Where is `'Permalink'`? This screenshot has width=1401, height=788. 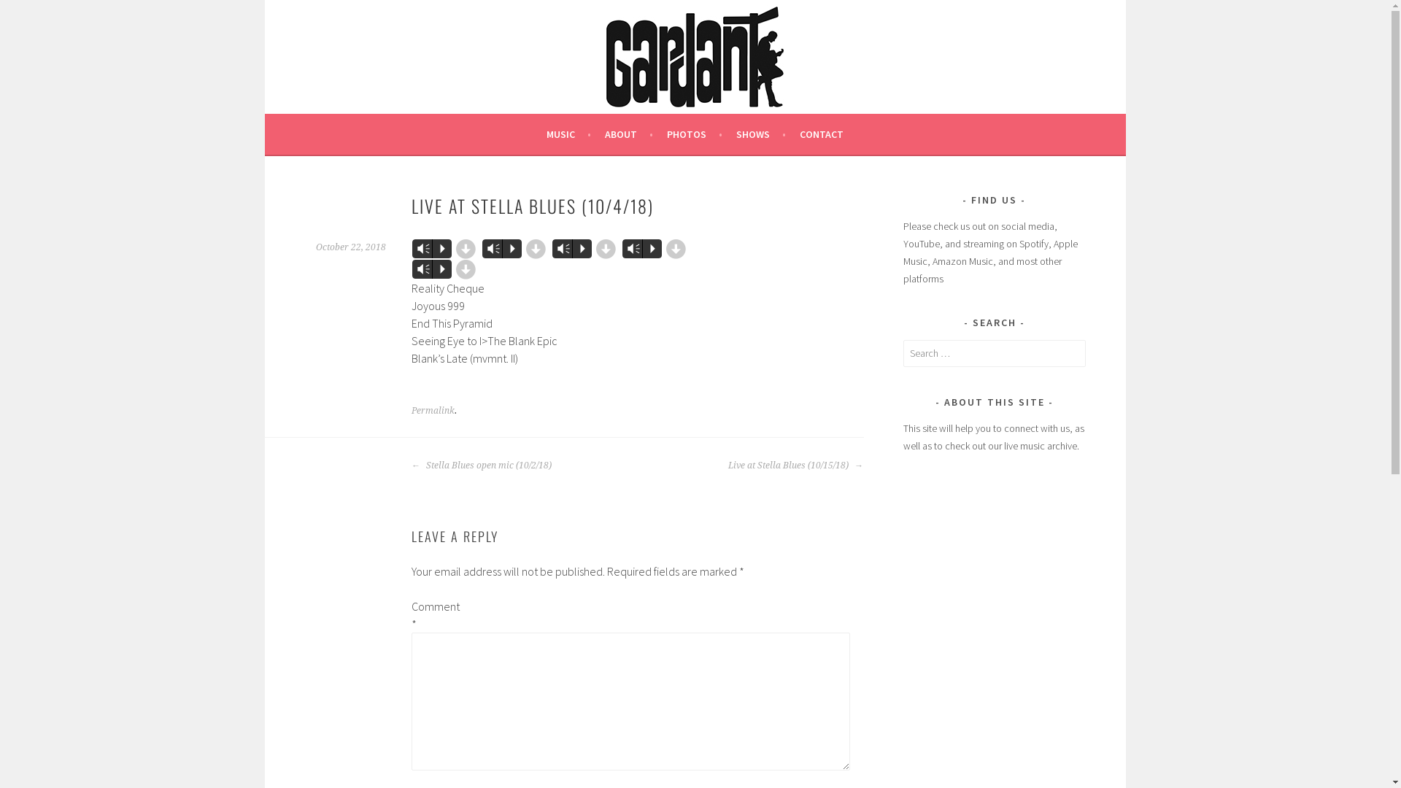 'Permalink' is located at coordinates (432, 411).